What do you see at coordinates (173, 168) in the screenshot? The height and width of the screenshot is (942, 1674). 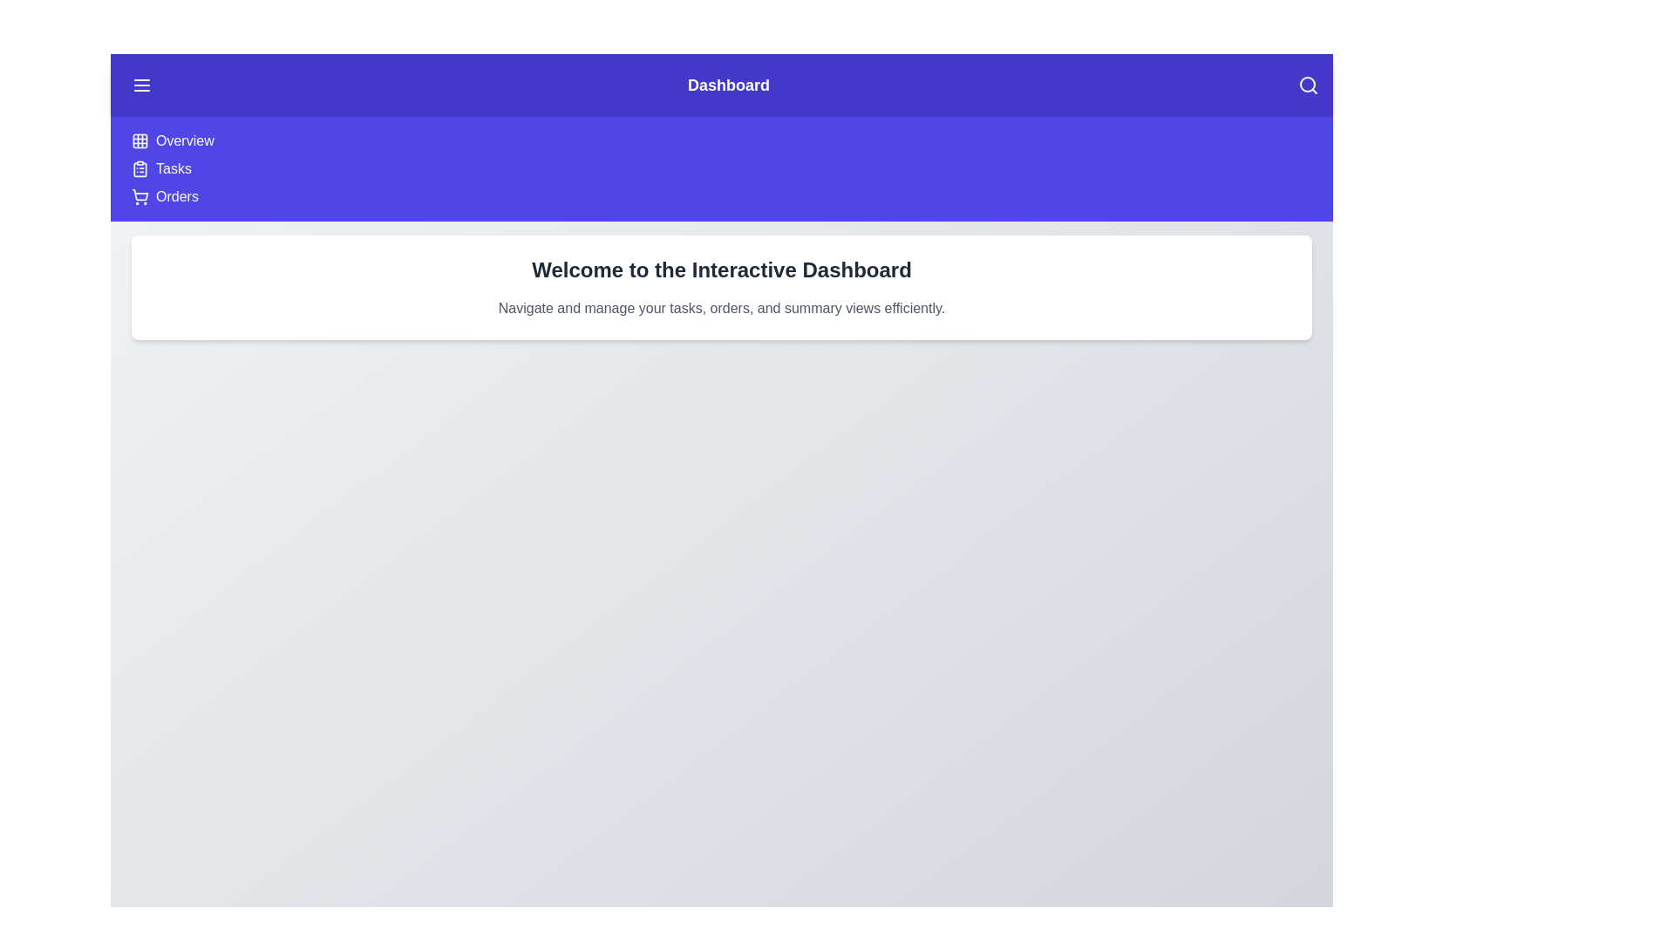 I see `the menu item Tasks to navigate` at bounding box center [173, 168].